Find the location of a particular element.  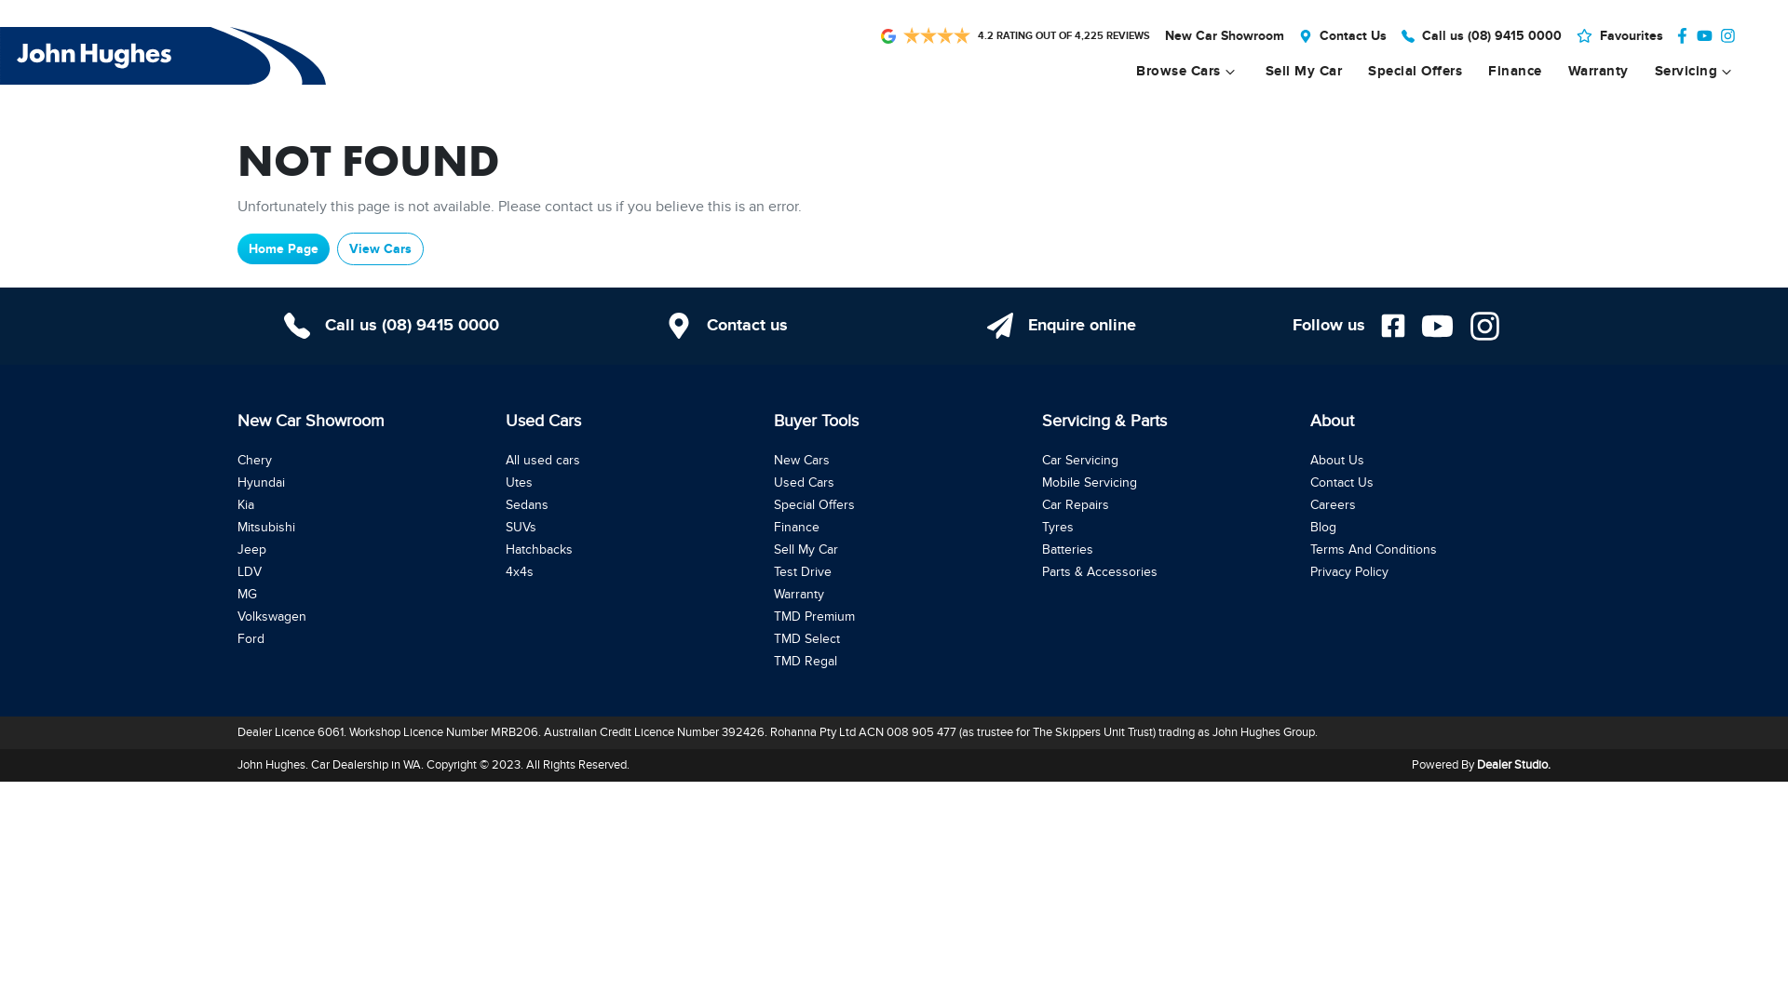

'Jeep' is located at coordinates (251, 548).